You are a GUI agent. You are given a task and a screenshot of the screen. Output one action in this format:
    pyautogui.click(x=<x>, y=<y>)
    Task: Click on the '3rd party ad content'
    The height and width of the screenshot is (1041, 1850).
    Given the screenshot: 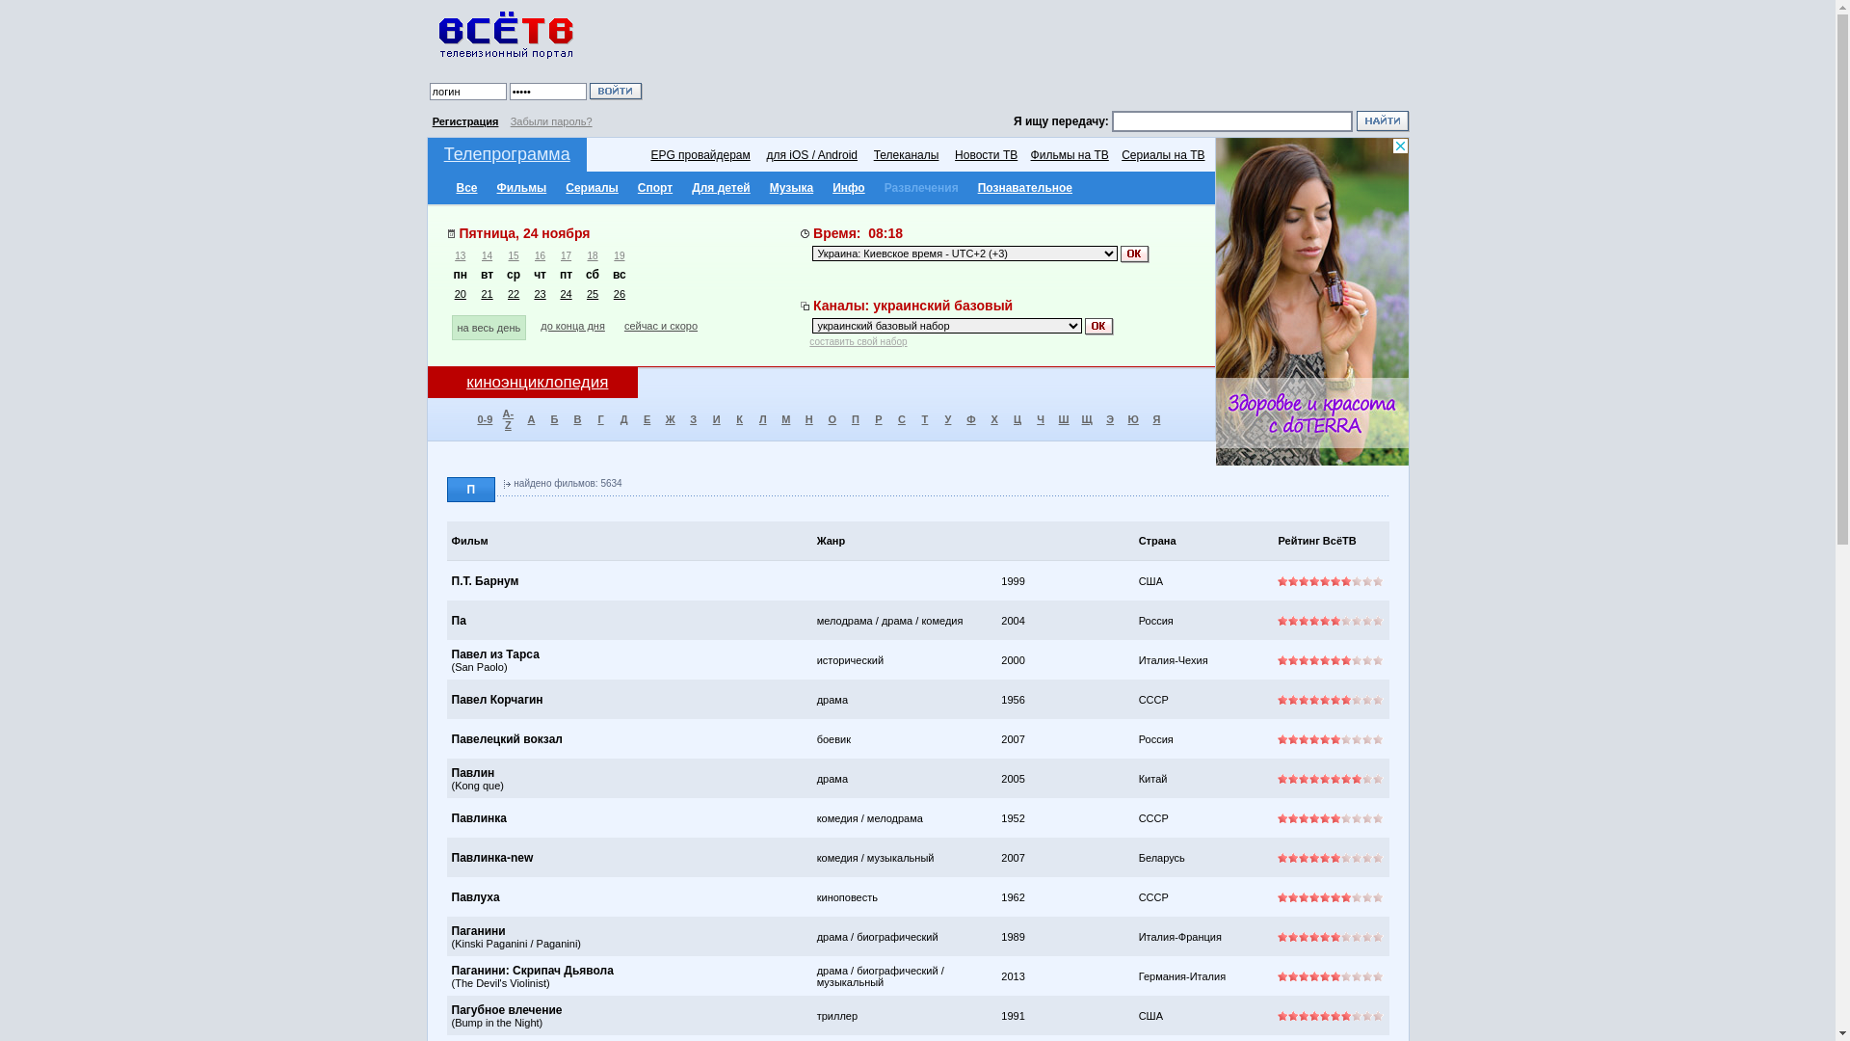 What is the action you would take?
    pyautogui.click(x=1311, y=301)
    